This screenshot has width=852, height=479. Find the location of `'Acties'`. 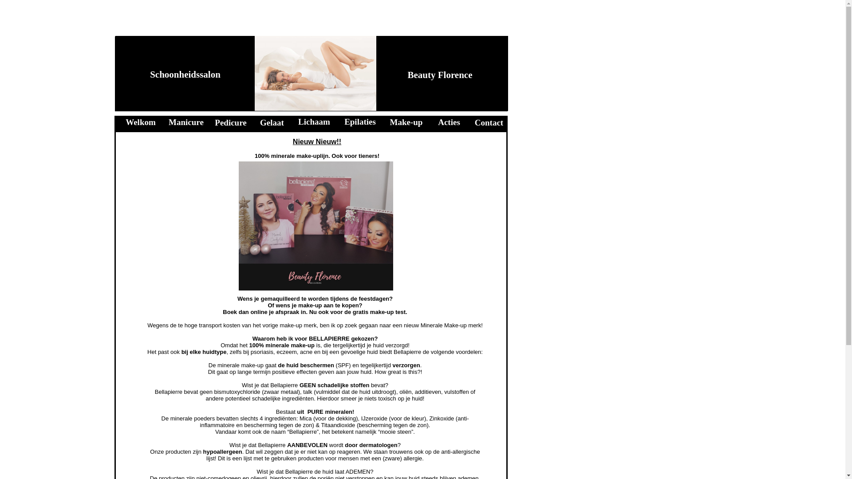

'Acties' is located at coordinates (438, 122).